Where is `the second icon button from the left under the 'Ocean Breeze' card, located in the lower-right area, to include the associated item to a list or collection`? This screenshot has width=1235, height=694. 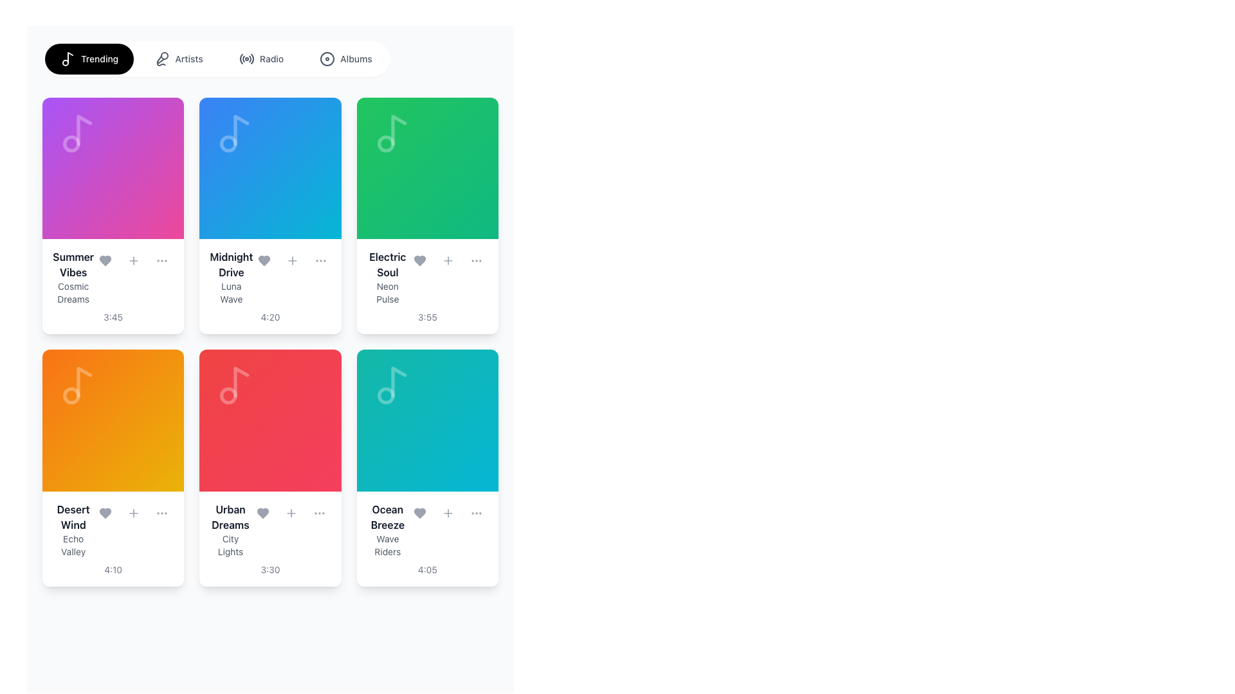 the second icon button from the left under the 'Ocean Breeze' card, located in the lower-right area, to include the associated item to a list or collection is located at coordinates (448, 512).